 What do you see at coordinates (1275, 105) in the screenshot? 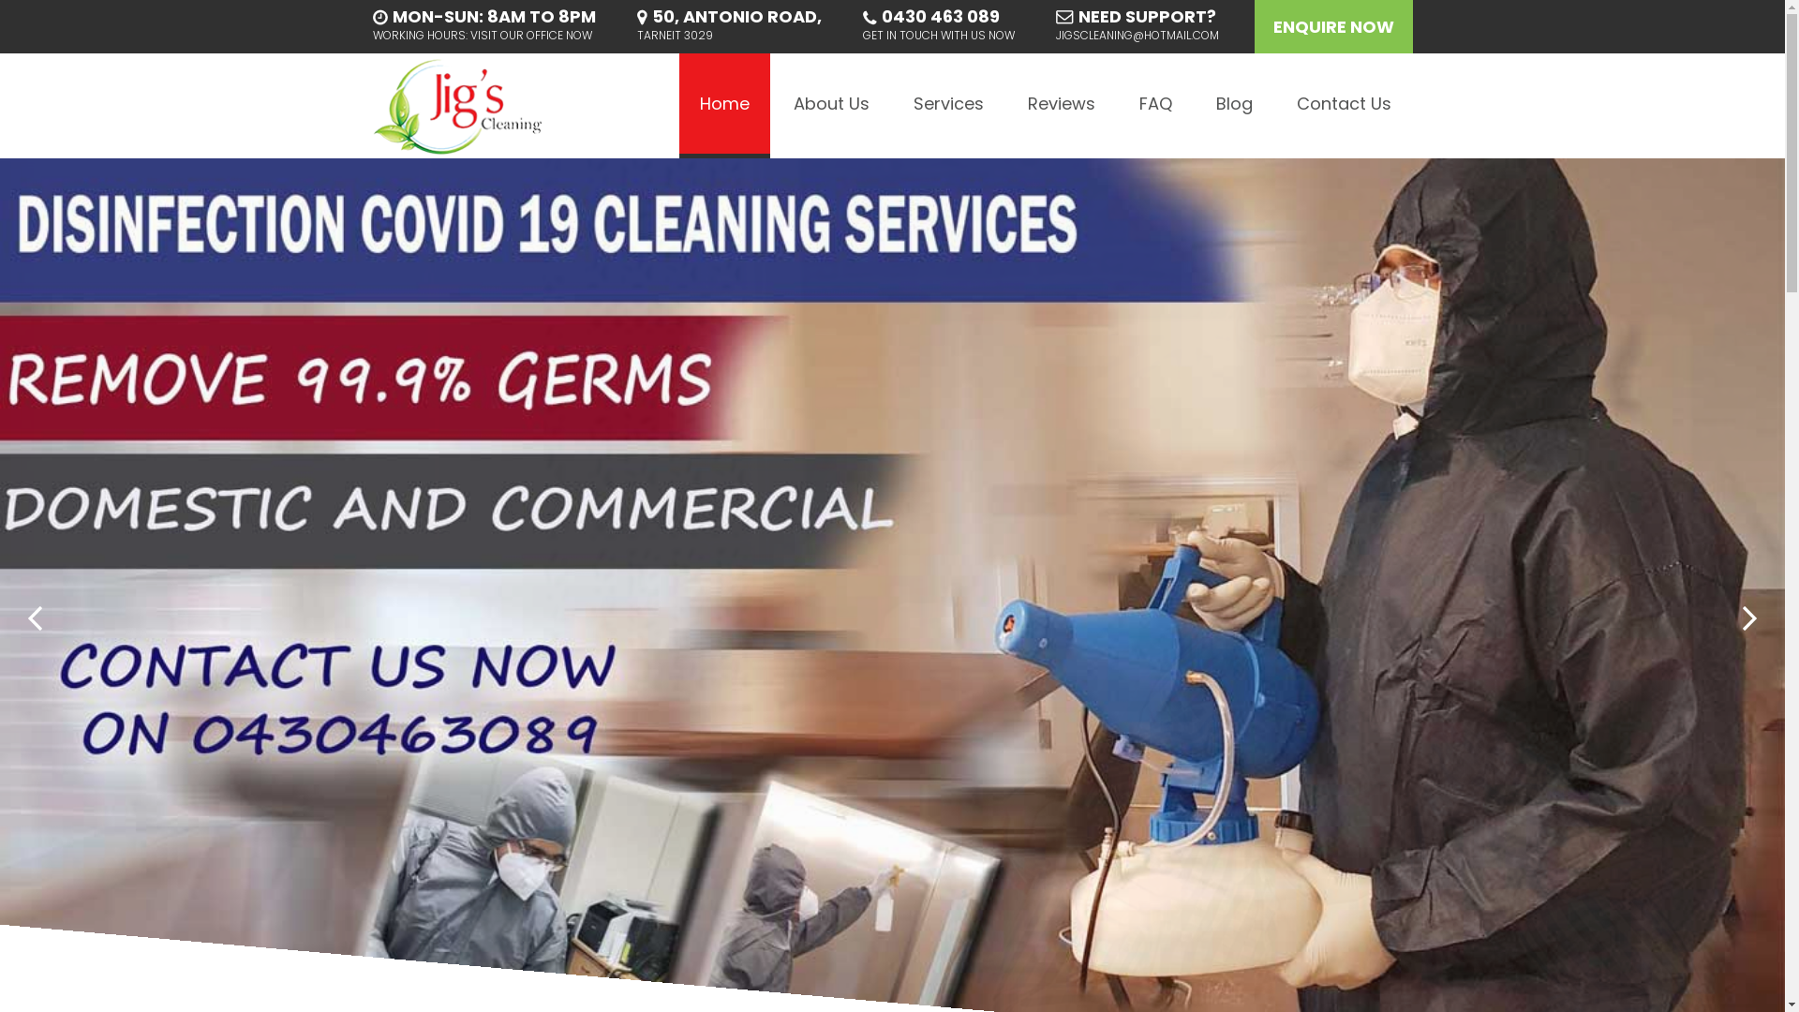
I see `'Contact Us'` at bounding box center [1275, 105].